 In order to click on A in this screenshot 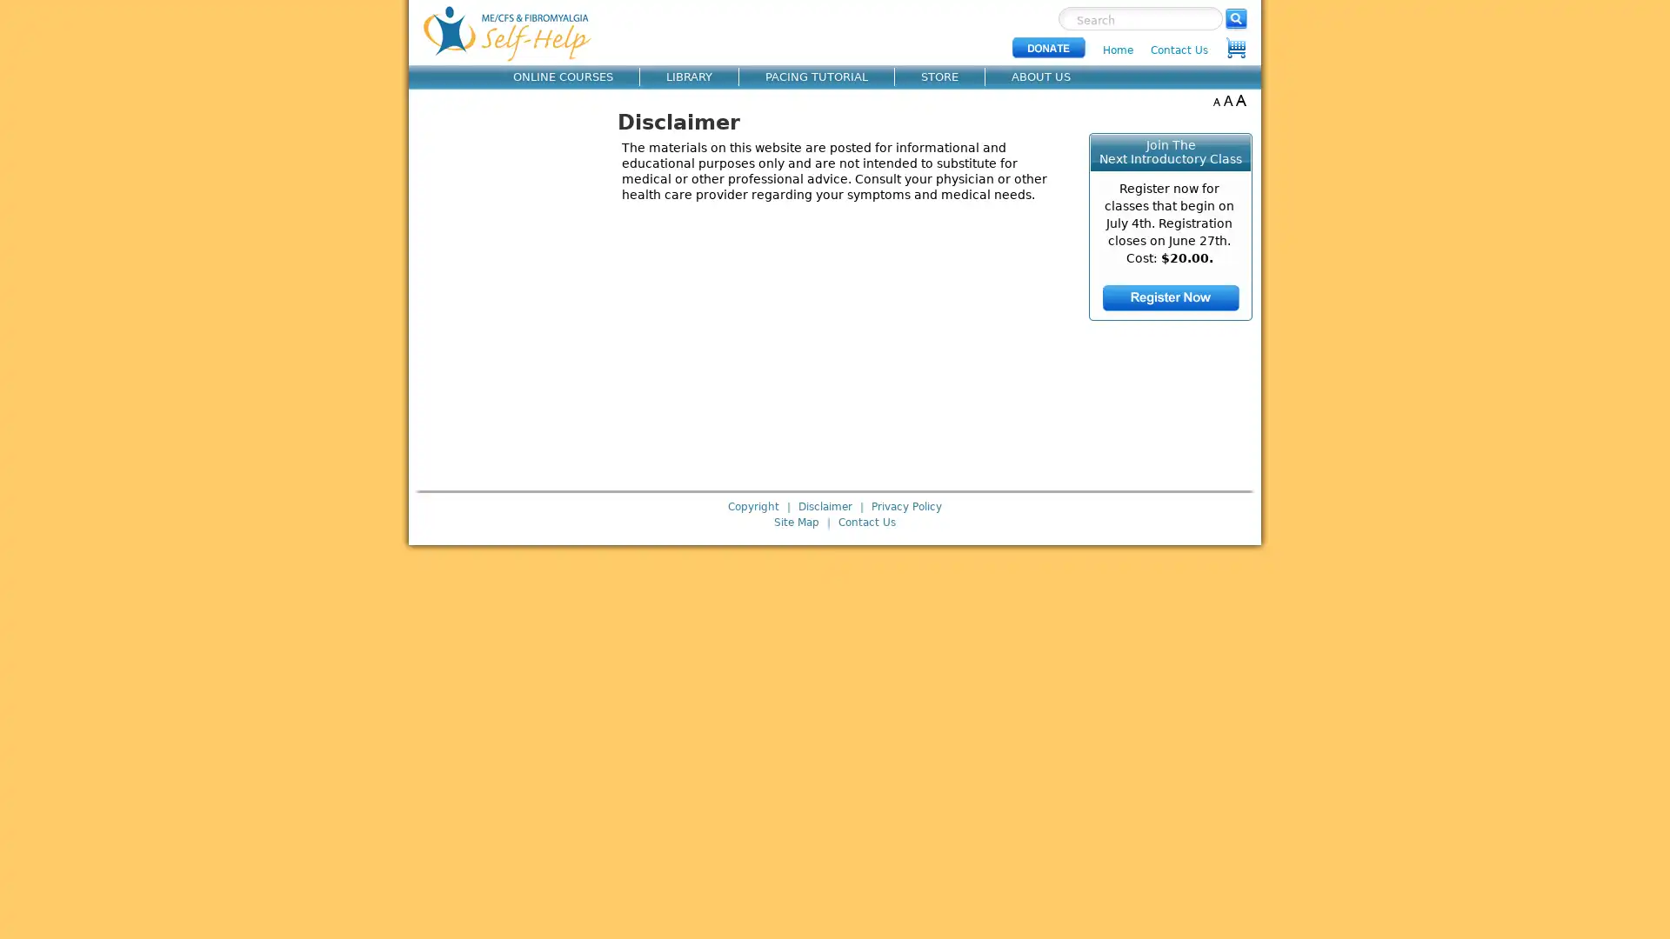, I will do `click(1239, 100)`.